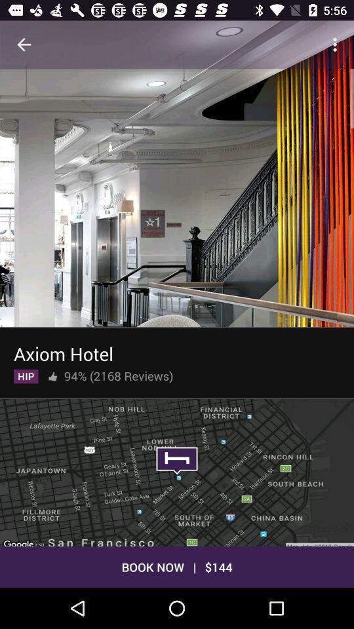  I want to click on icon at the top right corner, so click(336, 45).